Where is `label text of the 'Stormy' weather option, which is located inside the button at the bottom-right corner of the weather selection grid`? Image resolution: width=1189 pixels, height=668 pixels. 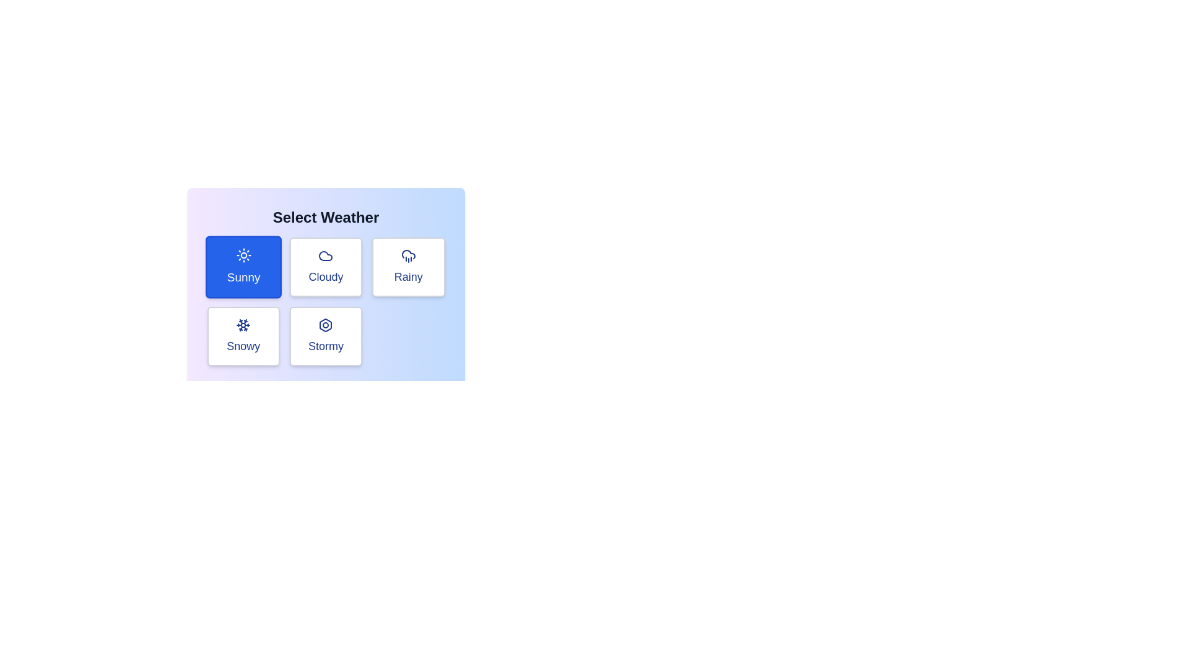
label text of the 'Stormy' weather option, which is located inside the button at the bottom-right corner of the weather selection grid is located at coordinates (326, 346).